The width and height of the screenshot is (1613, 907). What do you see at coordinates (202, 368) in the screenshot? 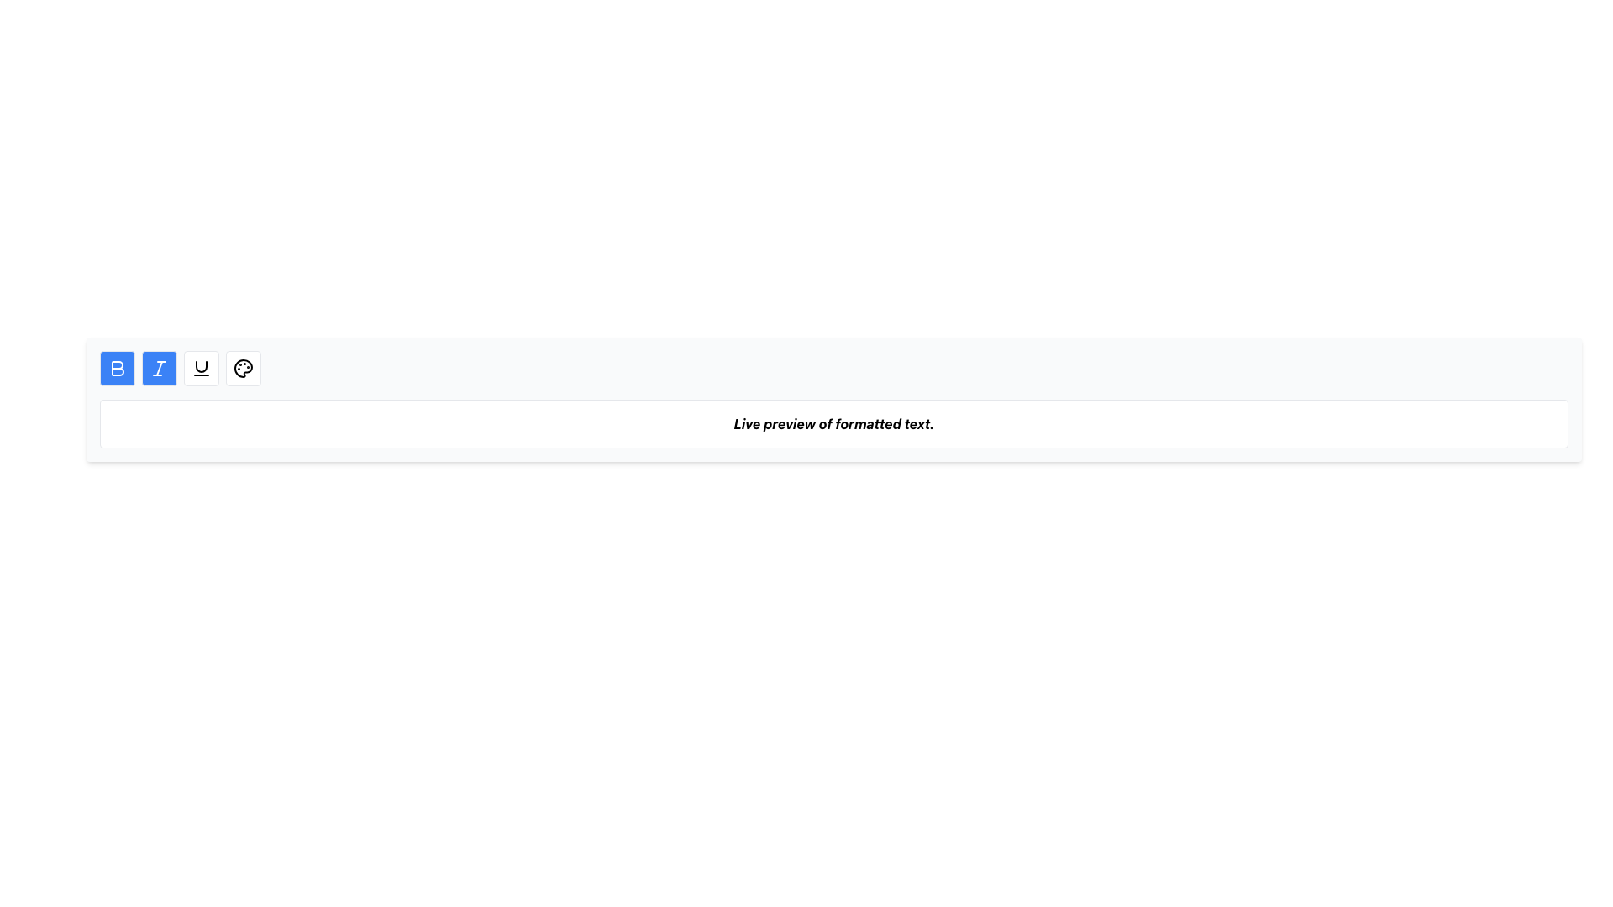
I see `the third button from the left in the toolbar above the text input area` at bounding box center [202, 368].